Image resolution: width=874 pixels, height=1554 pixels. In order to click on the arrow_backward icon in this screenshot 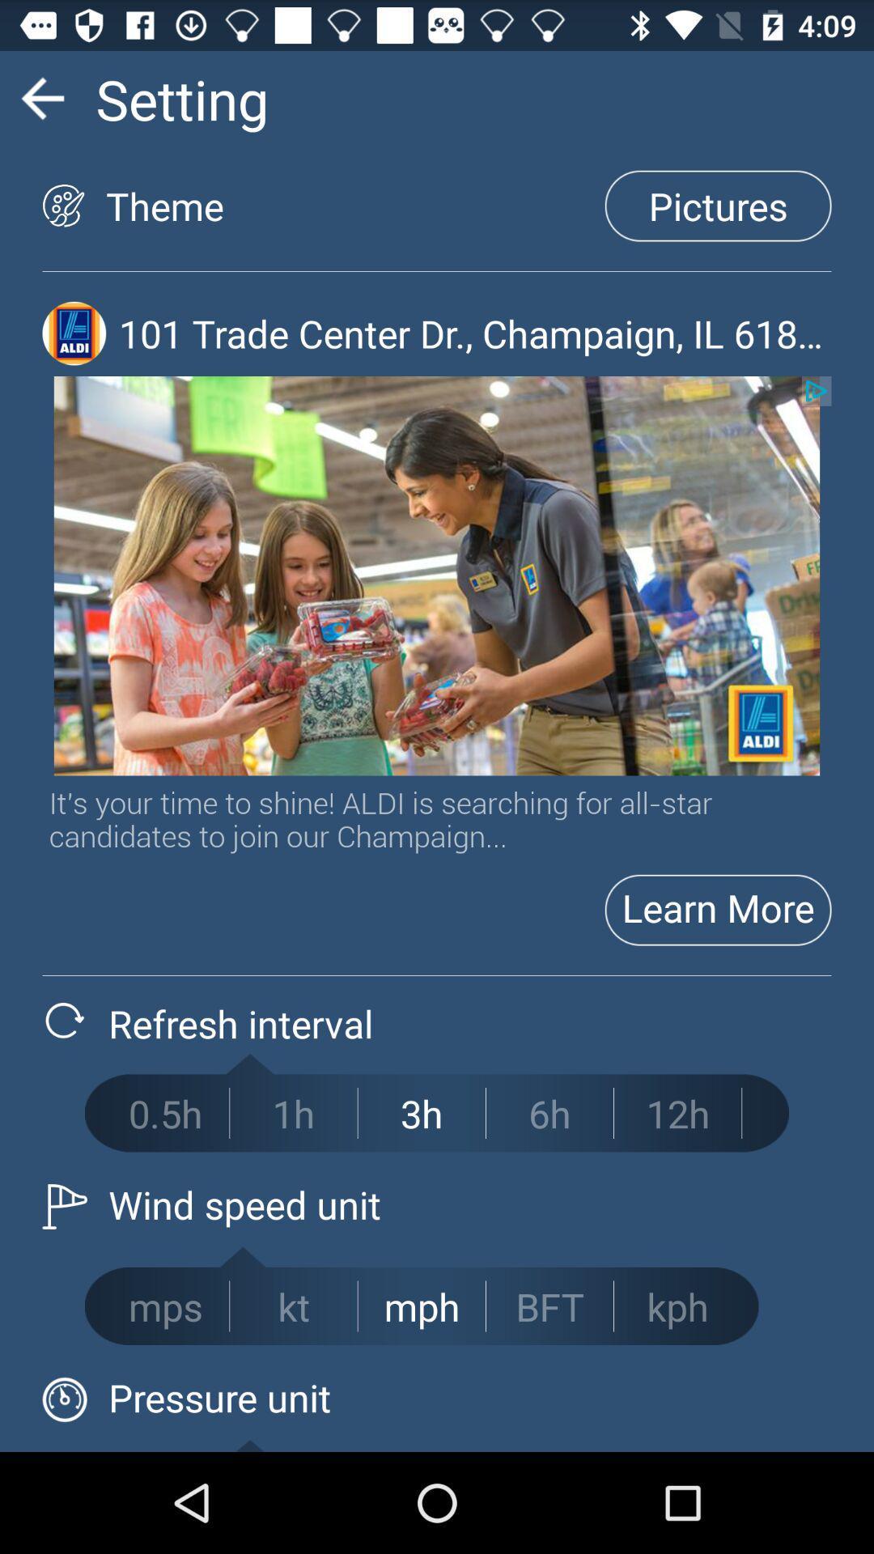, I will do `click(41, 104)`.